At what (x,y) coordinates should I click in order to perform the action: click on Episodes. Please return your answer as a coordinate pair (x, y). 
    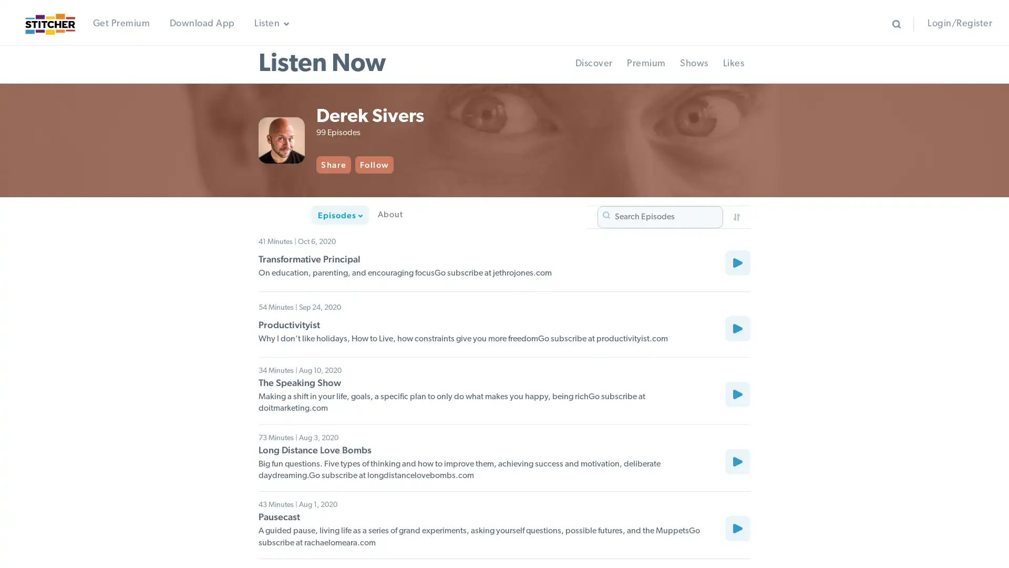
    Looking at the image, I should click on (287, 218).